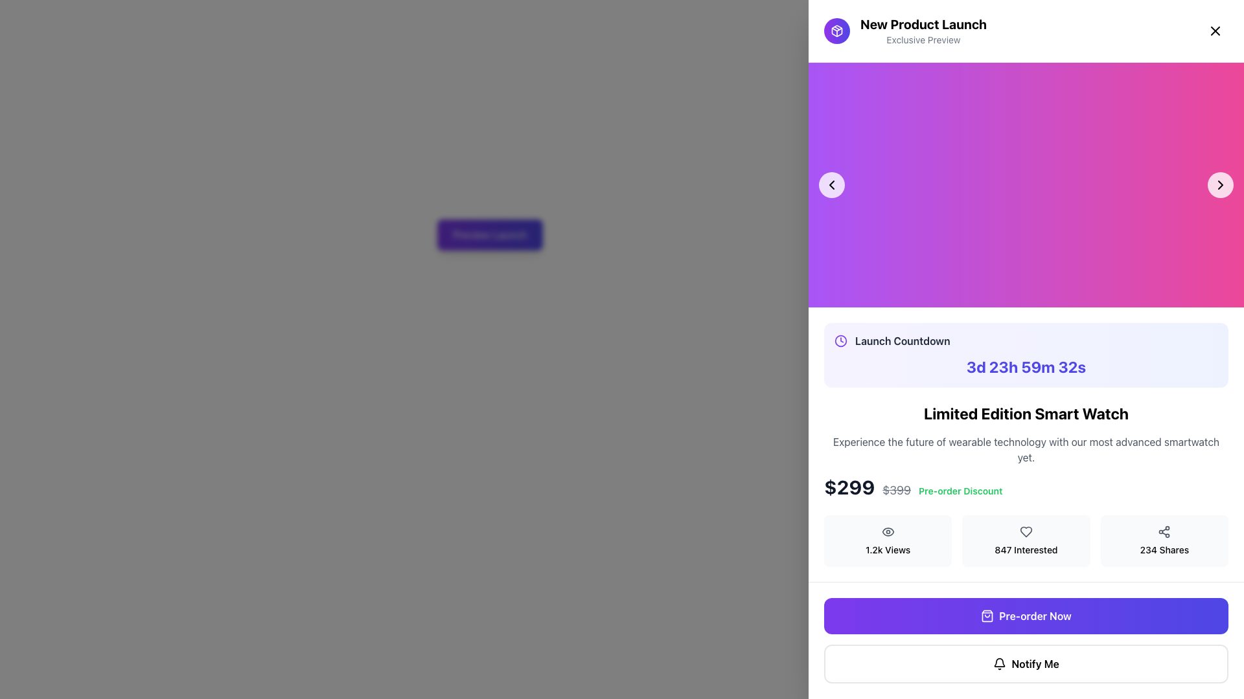 Image resolution: width=1244 pixels, height=699 pixels. Describe the element at coordinates (1035, 616) in the screenshot. I see `the interactive button located at the bottom of the product details section, aligned to the right side, to initiate the pre-order process` at that location.